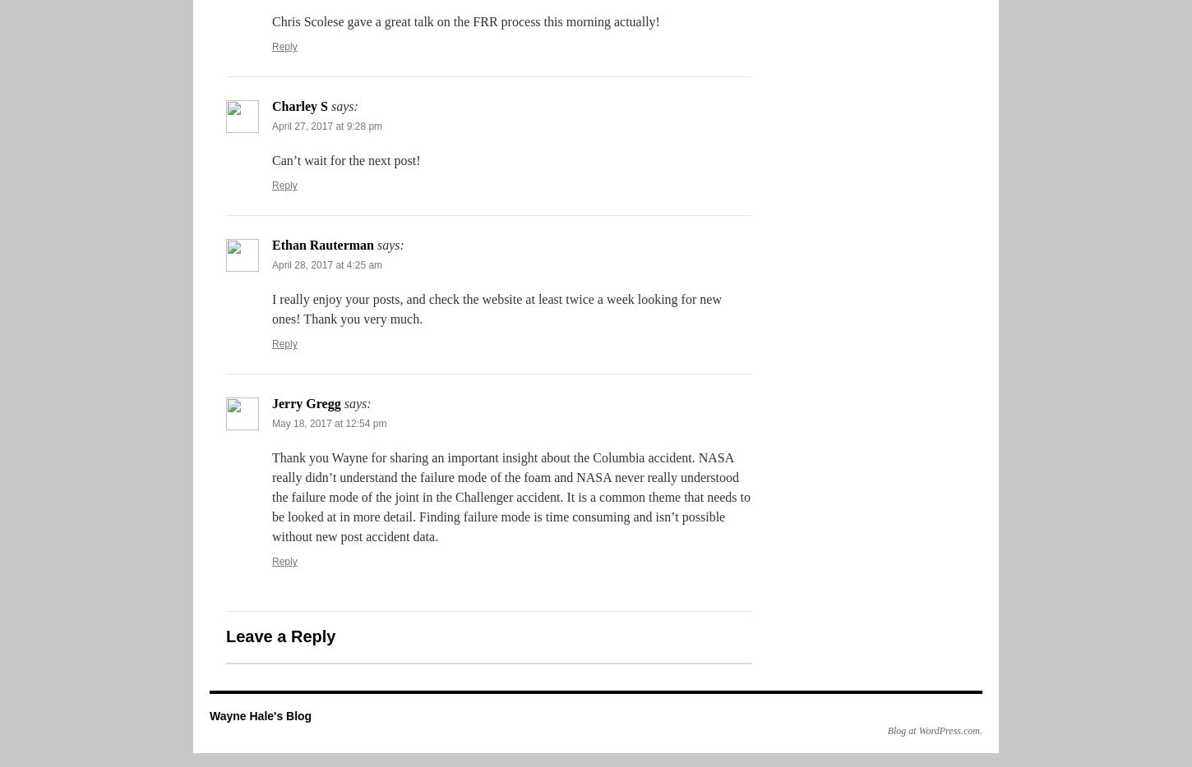 The height and width of the screenshot is (767, 1192). Describe the element at coordinates (933, 731) in the screenshot. I see `'Blog at WordPress.com.'` at that location.